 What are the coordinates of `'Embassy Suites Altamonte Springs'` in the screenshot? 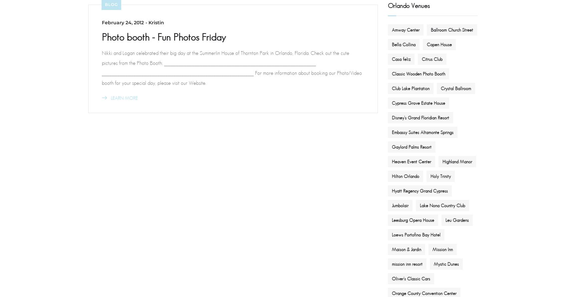 It's located at (422, 132).